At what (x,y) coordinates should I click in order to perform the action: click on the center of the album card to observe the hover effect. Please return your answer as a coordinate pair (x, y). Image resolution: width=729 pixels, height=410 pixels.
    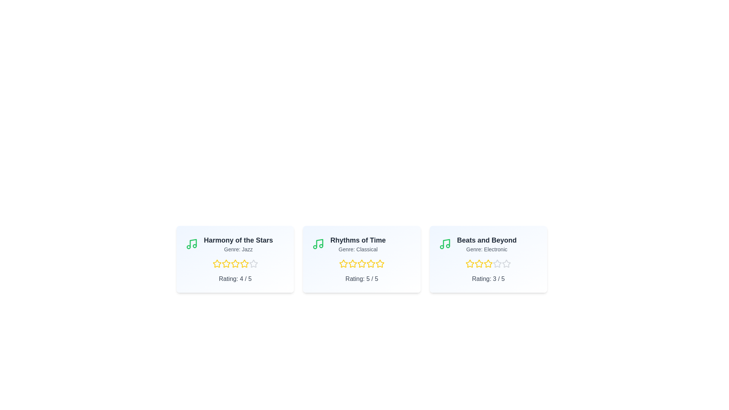
    Looking at the image, I should click on (235, 259).